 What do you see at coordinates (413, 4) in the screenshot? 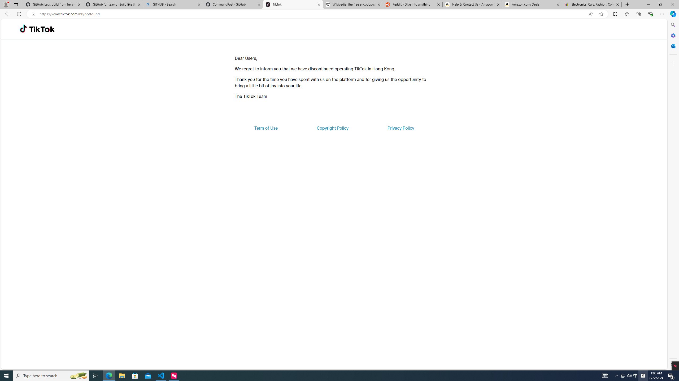
I see `'Reddit - Dive into anything'` at bounding box center [413, 4].